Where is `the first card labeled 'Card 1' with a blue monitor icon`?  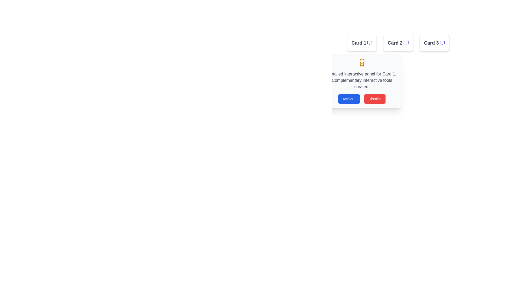 the first card labeled 'Card 1' with a blue monitor icon is located at coordinates (362, 42).